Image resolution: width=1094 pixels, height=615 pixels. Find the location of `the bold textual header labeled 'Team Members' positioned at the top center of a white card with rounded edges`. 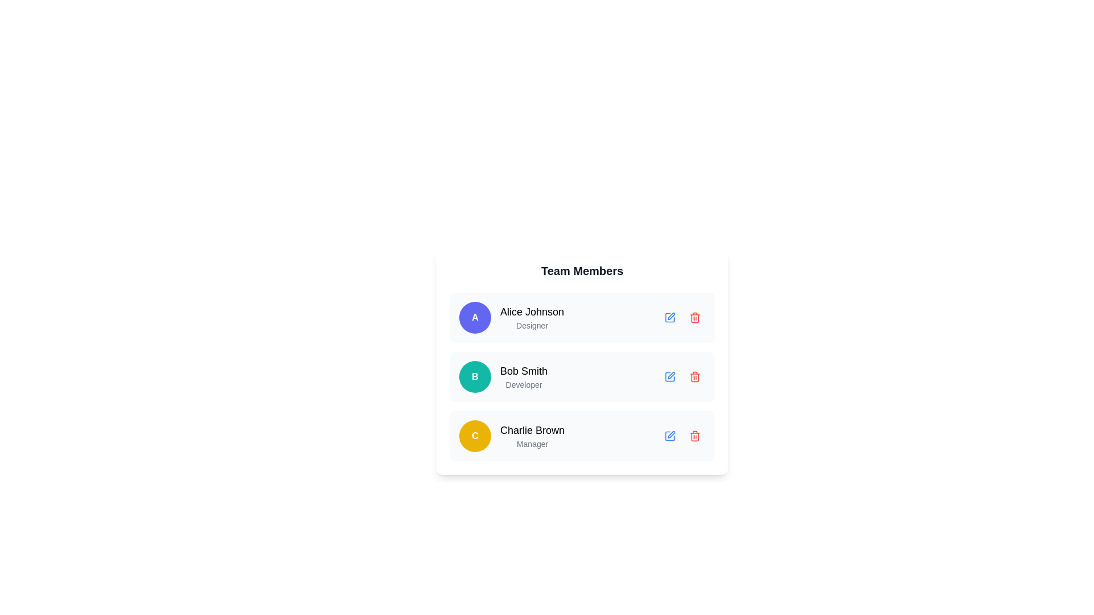

the bold textual header labeled 'Team Members' positioned at the top center of a white card with rounded edges is located at coordinates (582, 270).